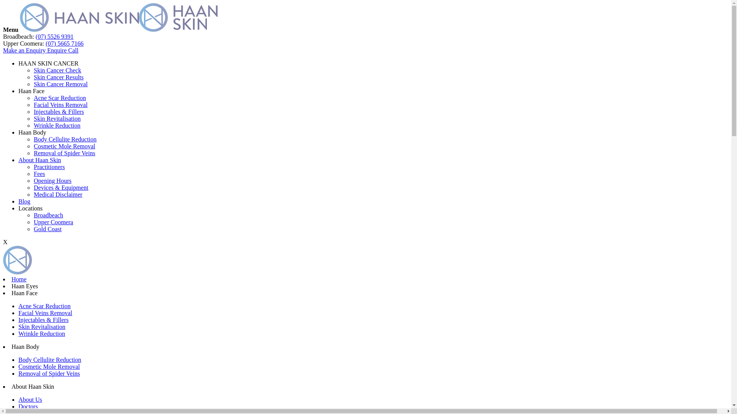  Describe the element at coordinates (18, 360) in the screenshot. I see `'Body Cellulite Reduction'` at that location.